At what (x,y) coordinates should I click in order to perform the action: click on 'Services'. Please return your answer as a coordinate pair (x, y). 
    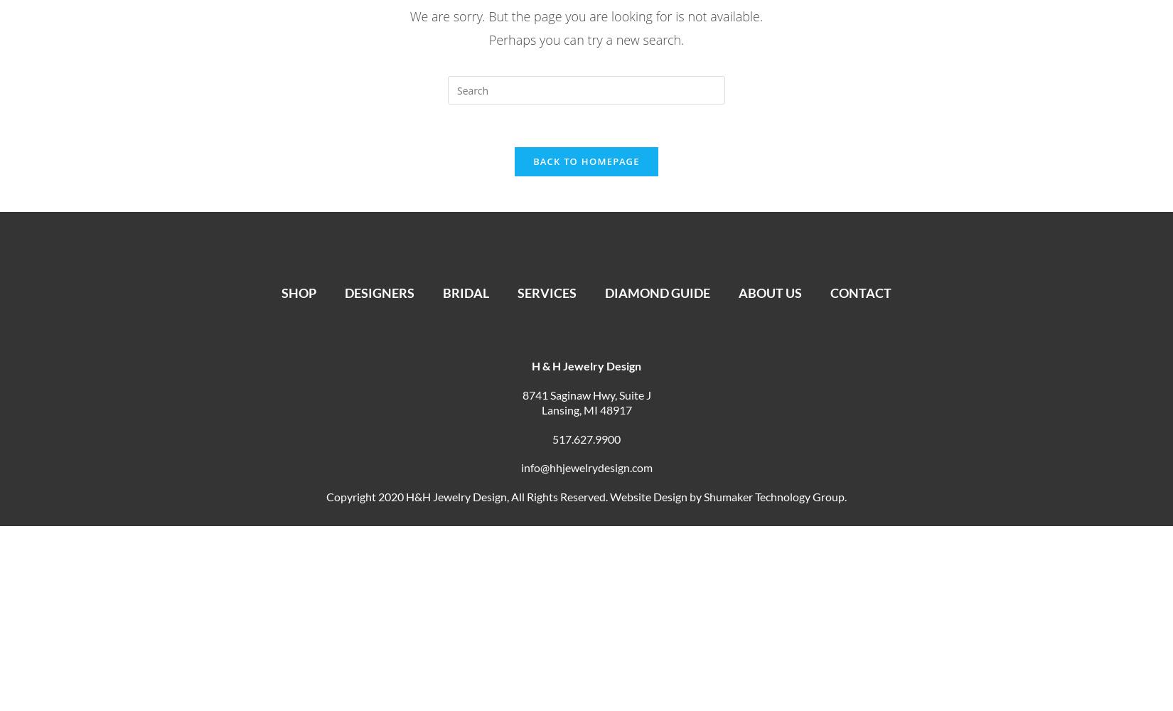
    Looking at the image, I should click on (540, 293).